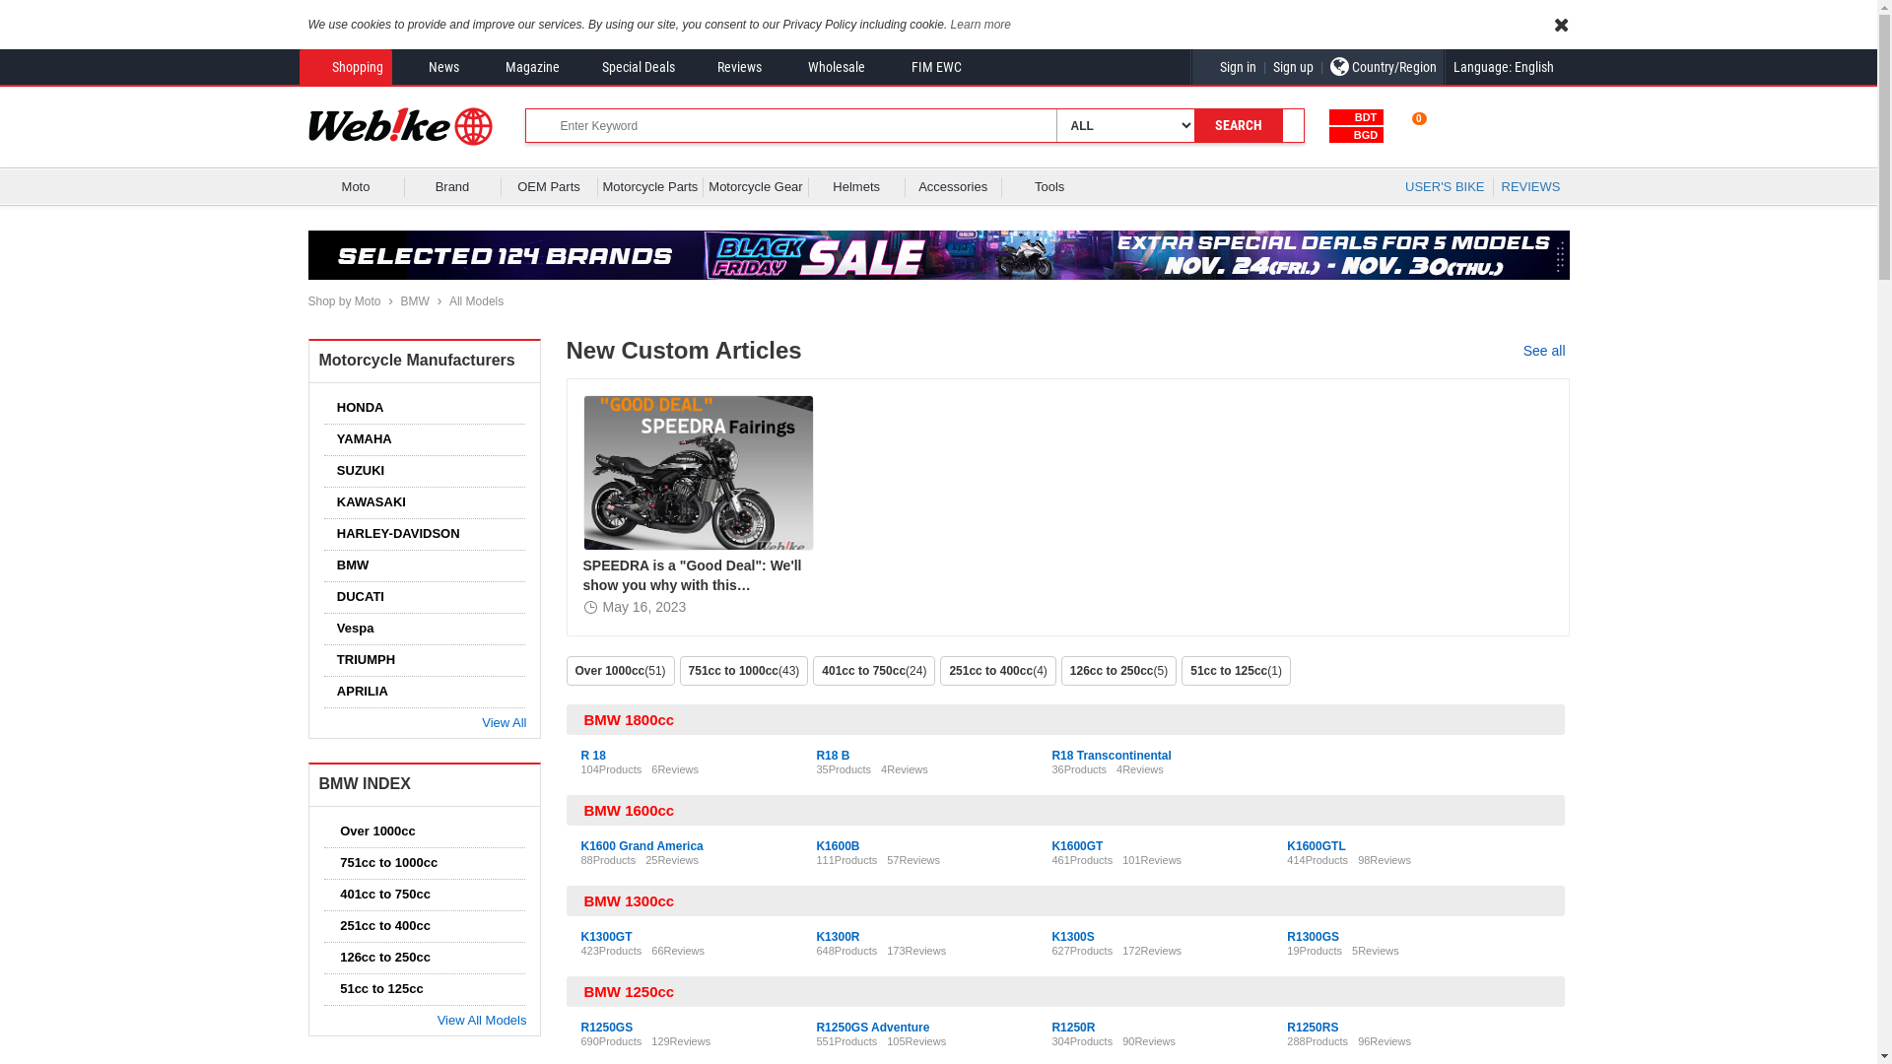  I want to click on 'Motorcycle Parts', so click(601, 186).